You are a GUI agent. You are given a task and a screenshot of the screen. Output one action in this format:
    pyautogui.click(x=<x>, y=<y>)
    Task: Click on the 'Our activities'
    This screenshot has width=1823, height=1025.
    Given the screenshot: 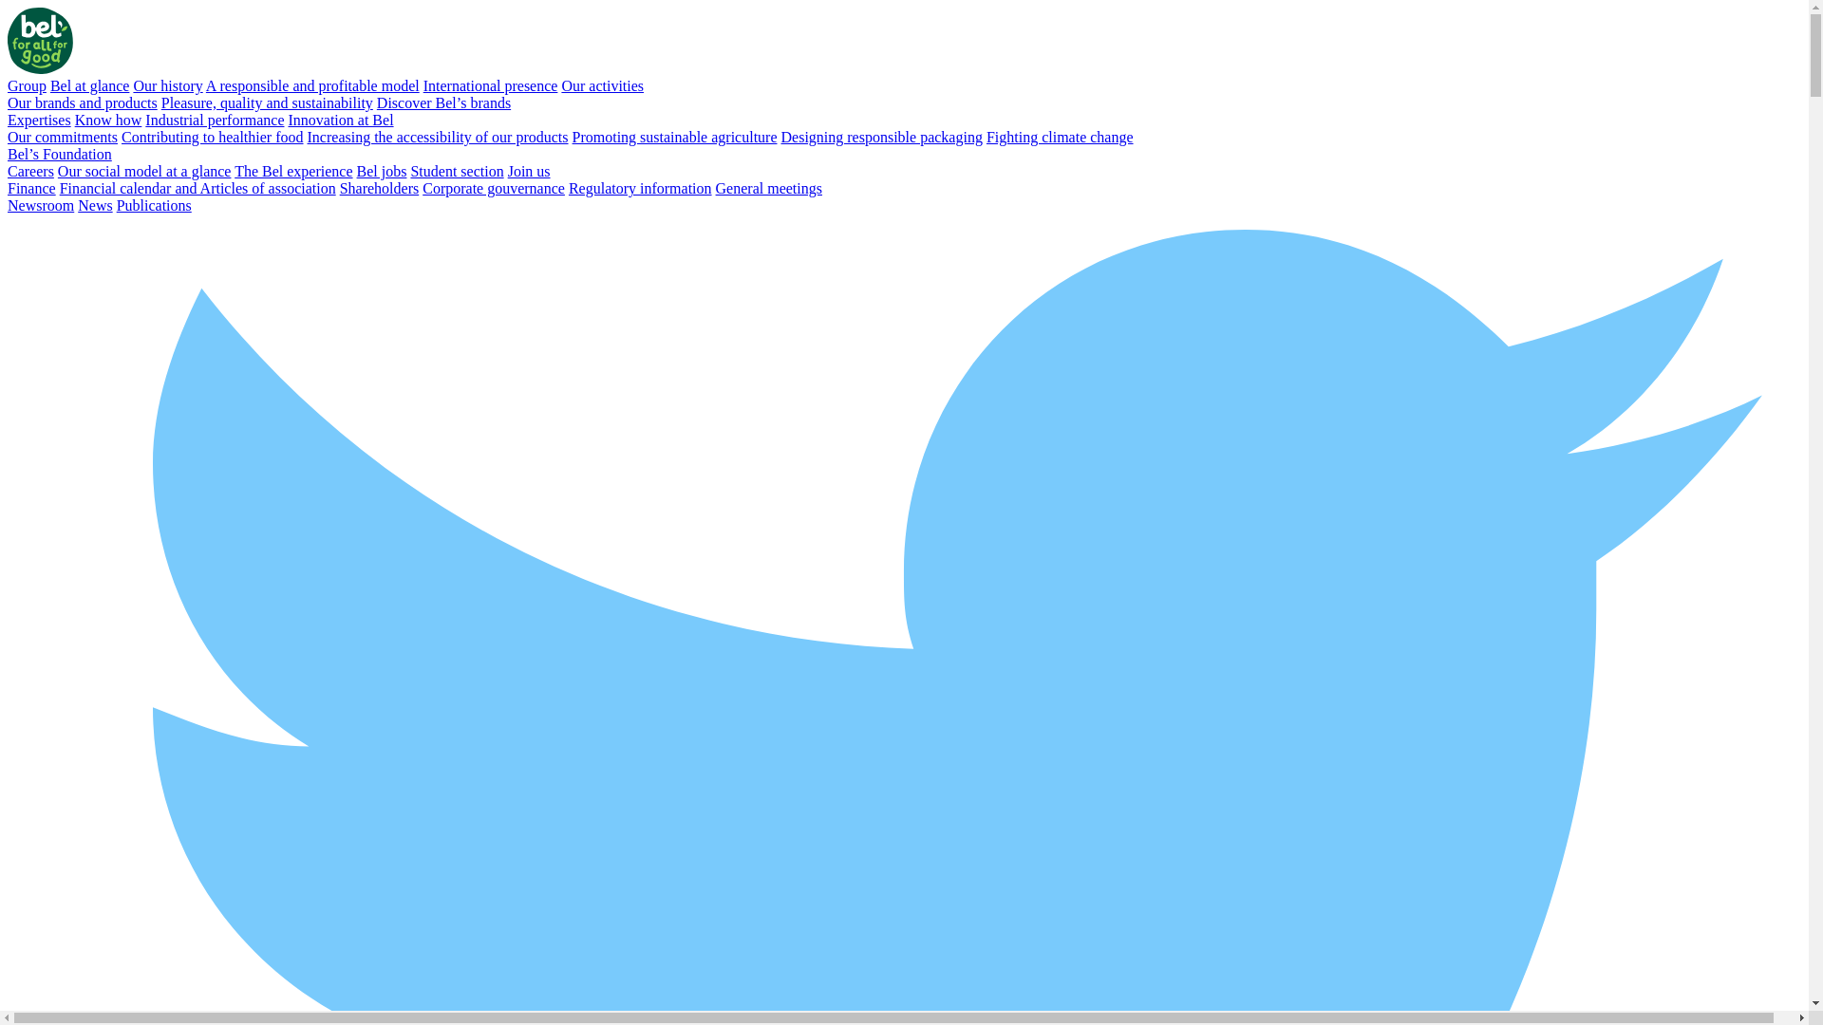 What is the action you would take?
    pyautogui.click(x=601, y=85)
    